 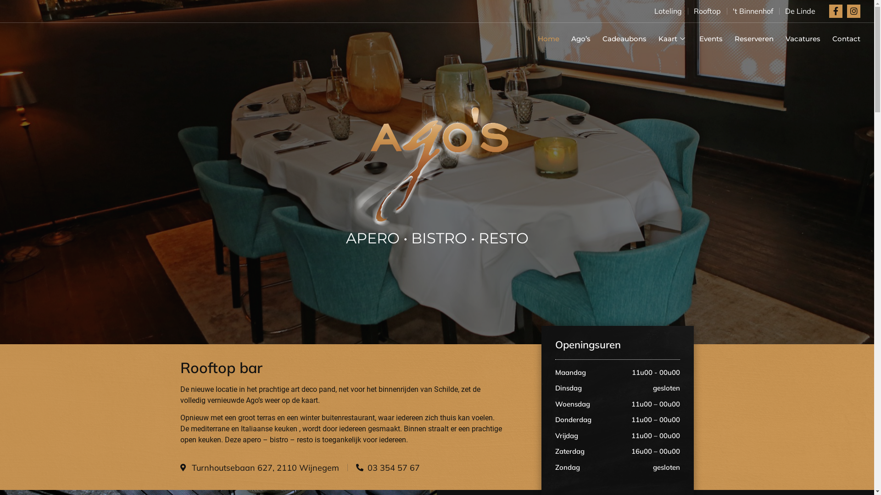 I want to click on '03 354 57 67', so click(x=356, y=467).